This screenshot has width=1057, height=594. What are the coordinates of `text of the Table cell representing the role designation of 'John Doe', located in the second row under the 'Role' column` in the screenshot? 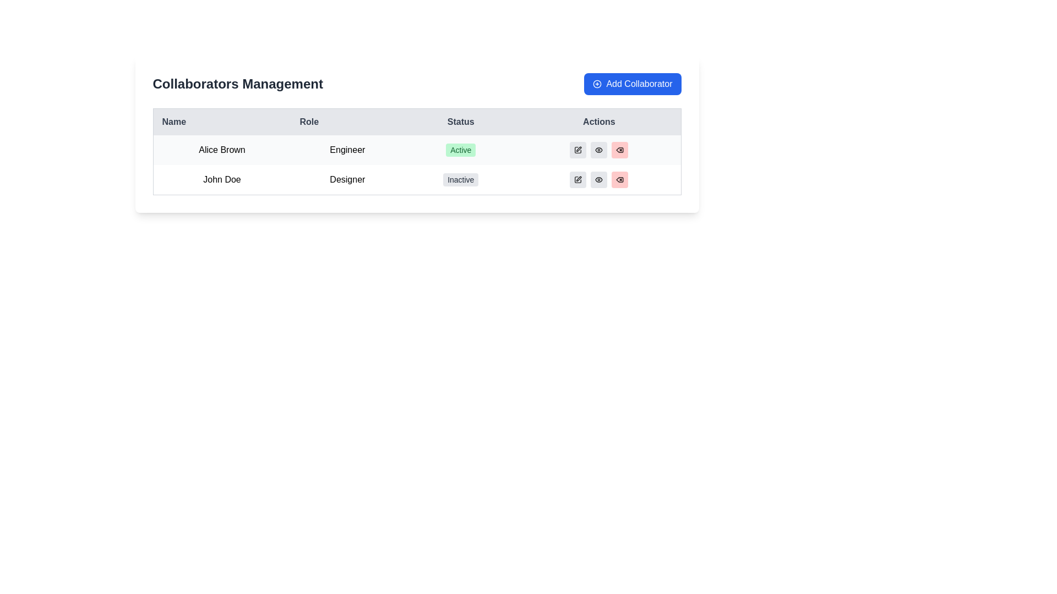 It's located at (347, 179).